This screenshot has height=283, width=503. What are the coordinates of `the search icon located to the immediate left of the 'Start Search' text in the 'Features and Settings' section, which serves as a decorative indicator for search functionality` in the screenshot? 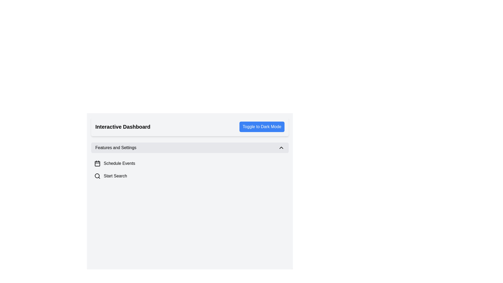 It's located at (97, 176).